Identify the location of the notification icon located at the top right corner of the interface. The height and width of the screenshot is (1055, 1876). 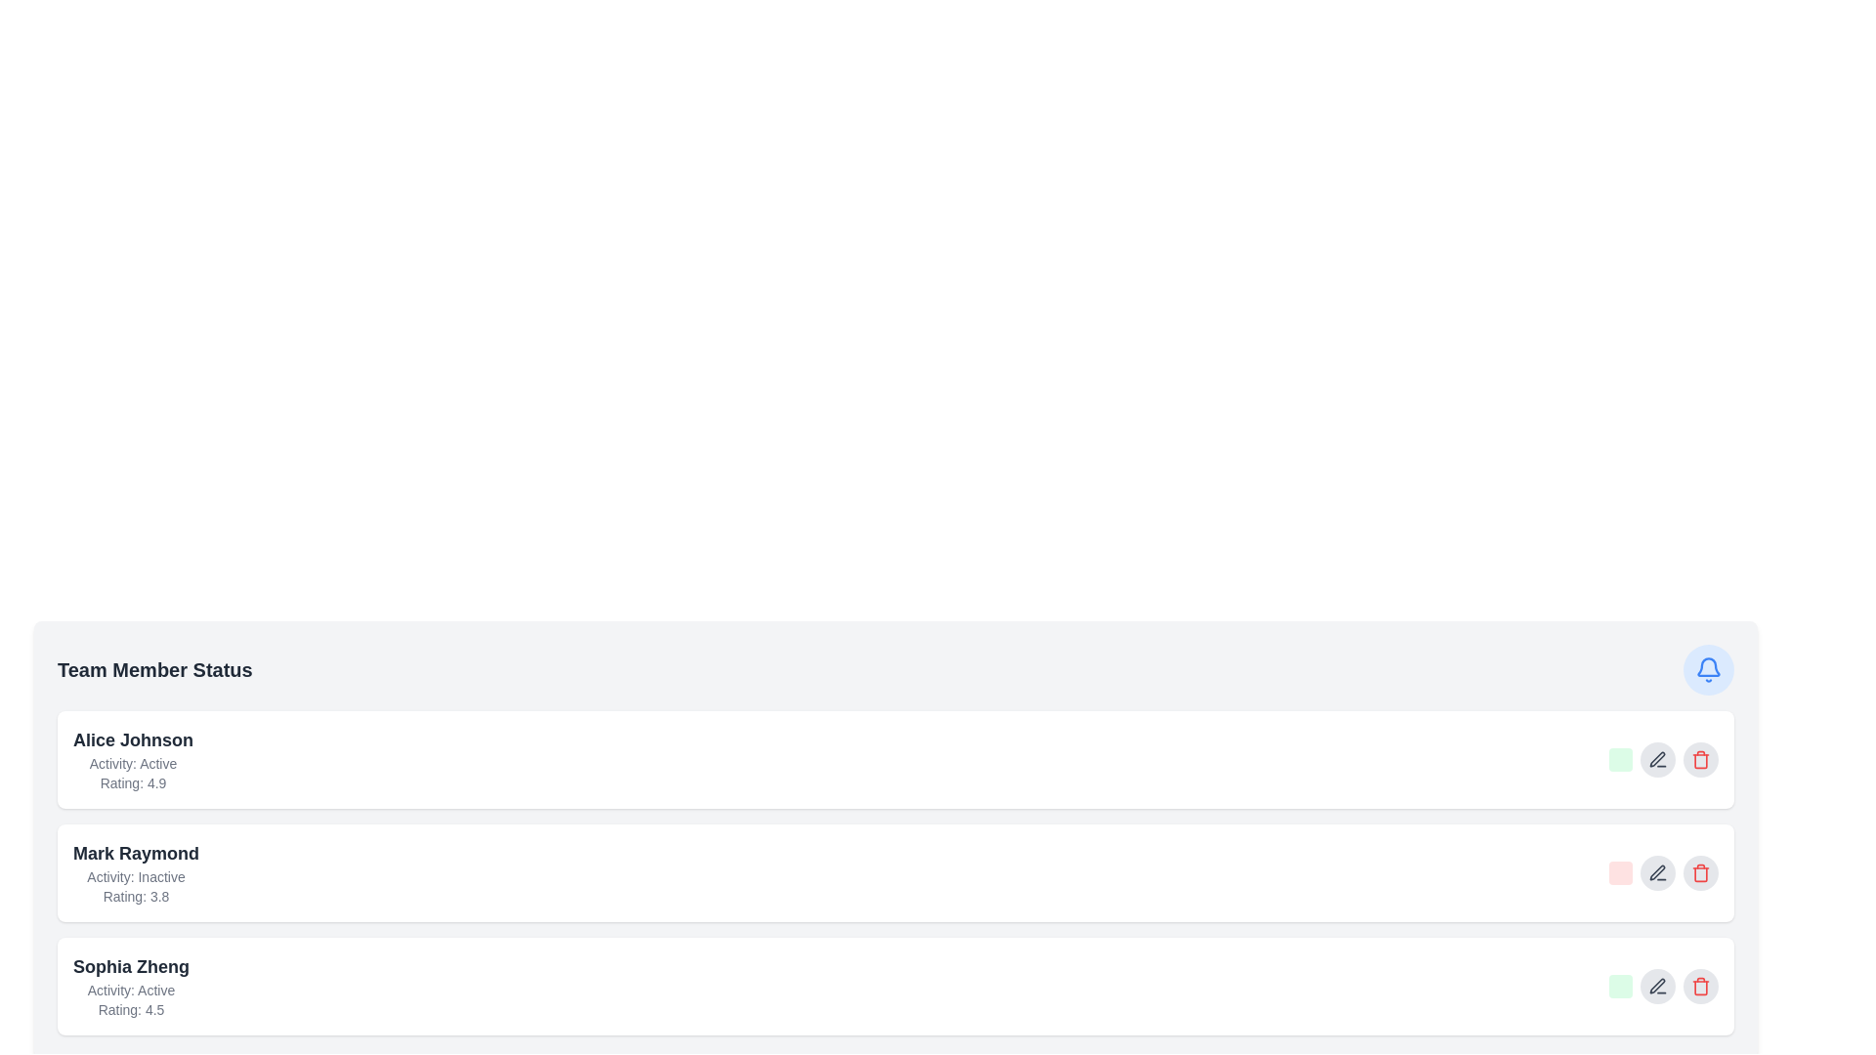
(1707, 669).